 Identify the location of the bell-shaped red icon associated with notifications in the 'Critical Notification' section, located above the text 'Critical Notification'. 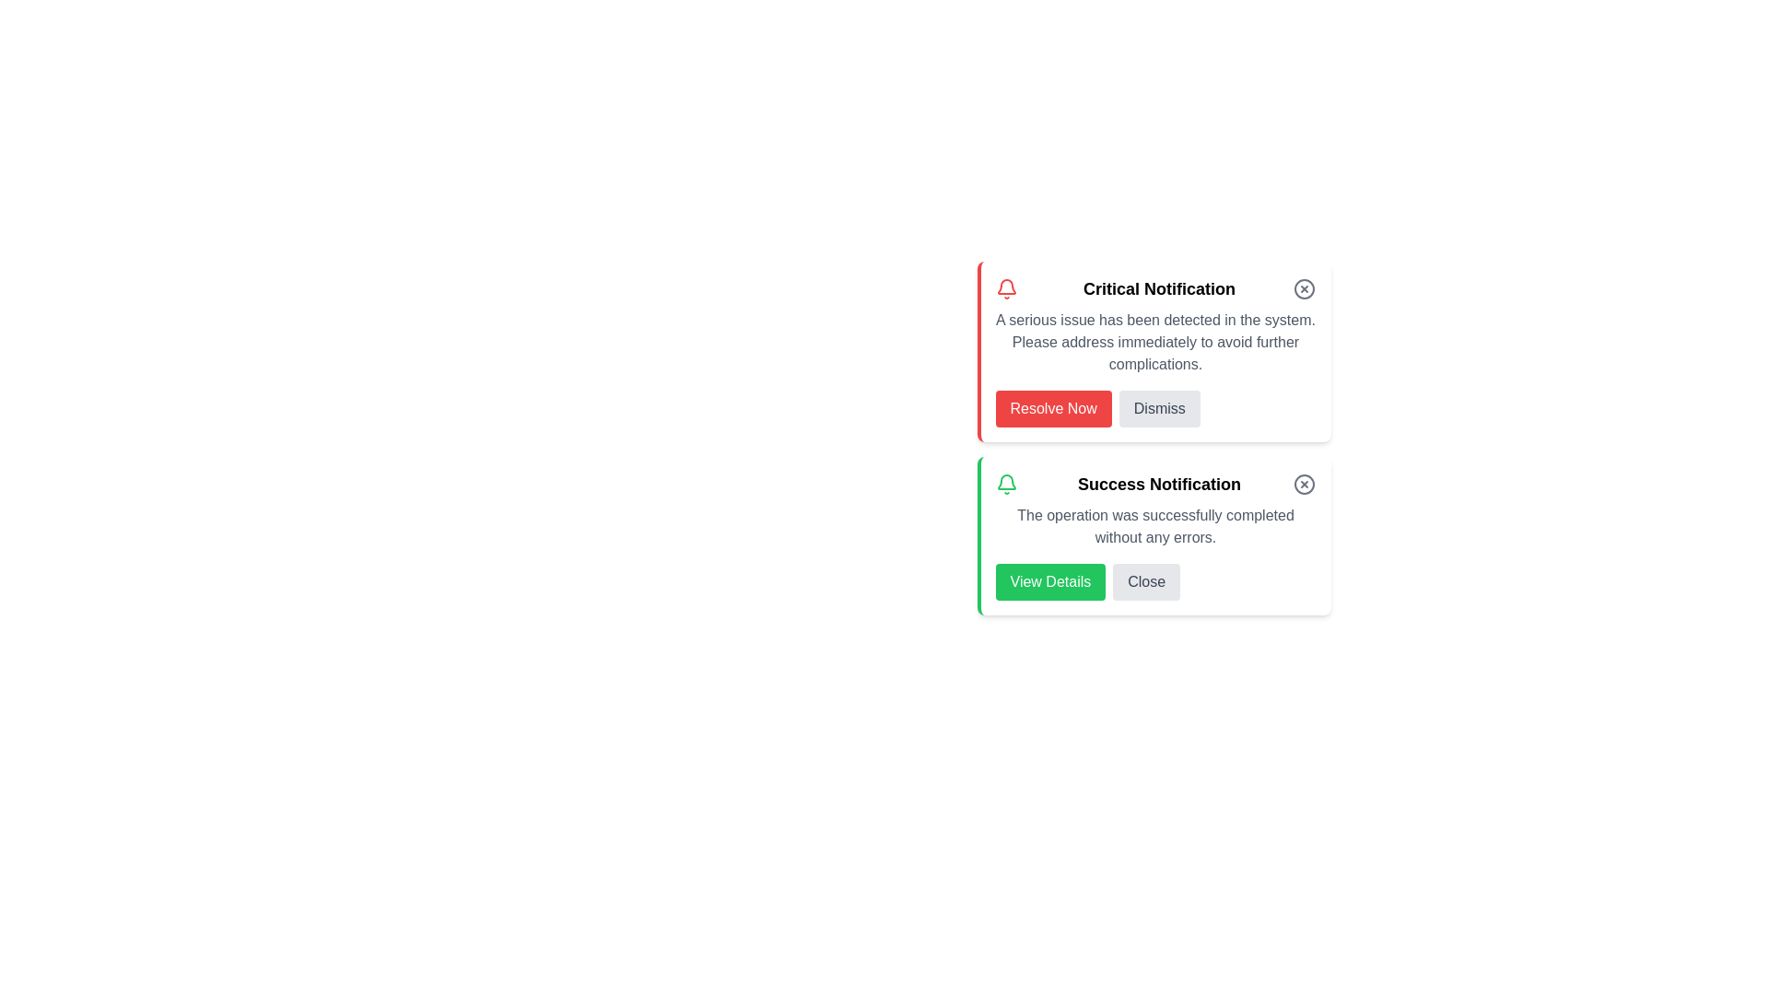
(1005, 288).